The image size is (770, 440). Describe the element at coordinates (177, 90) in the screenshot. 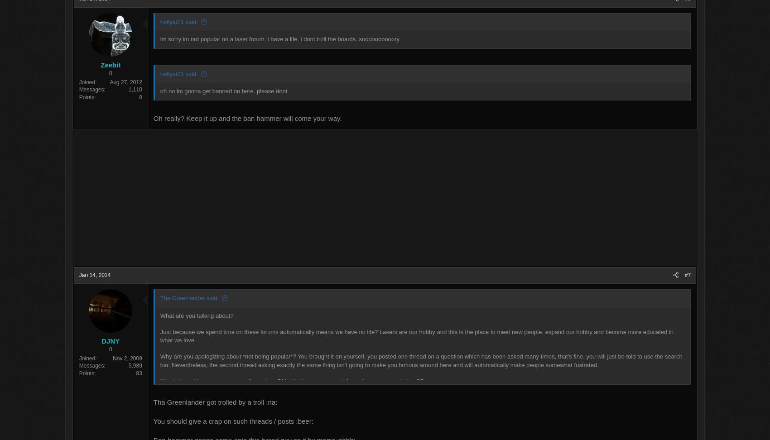

I see `'1,110'` at that location.